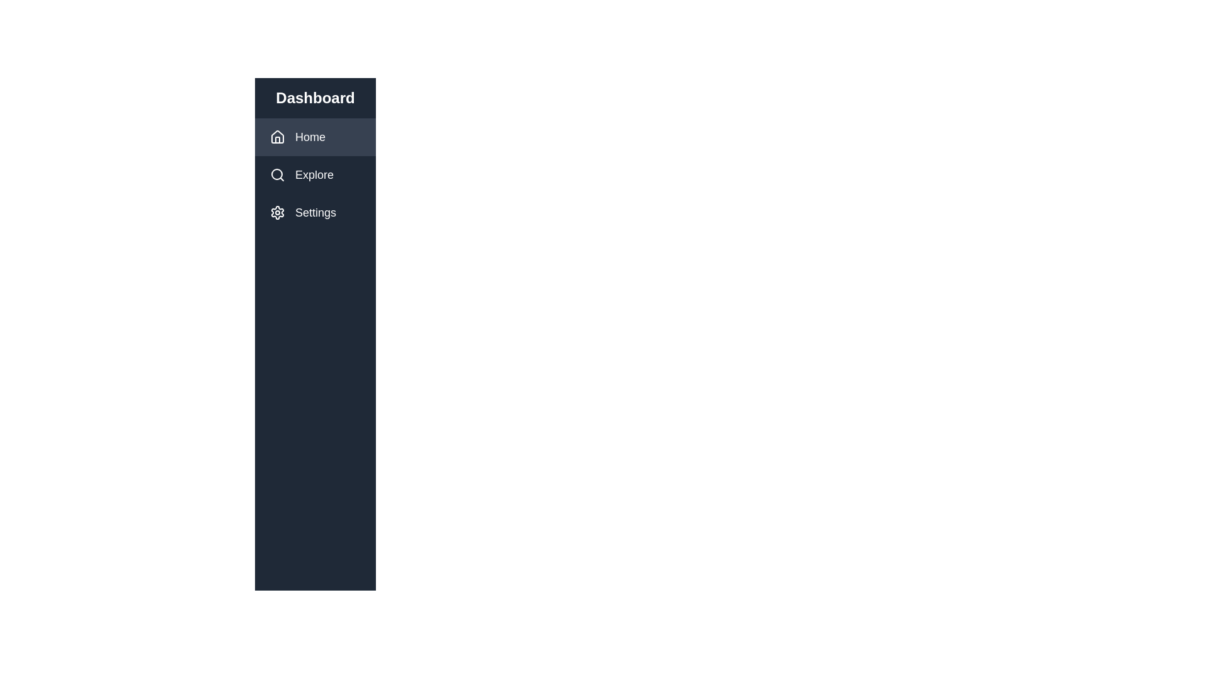  Describe the element at coordinates (315, 137) in the screenshot. I see `the first button in the vertical navigation menu, located underneath the 'Dashboard' header` at that location.